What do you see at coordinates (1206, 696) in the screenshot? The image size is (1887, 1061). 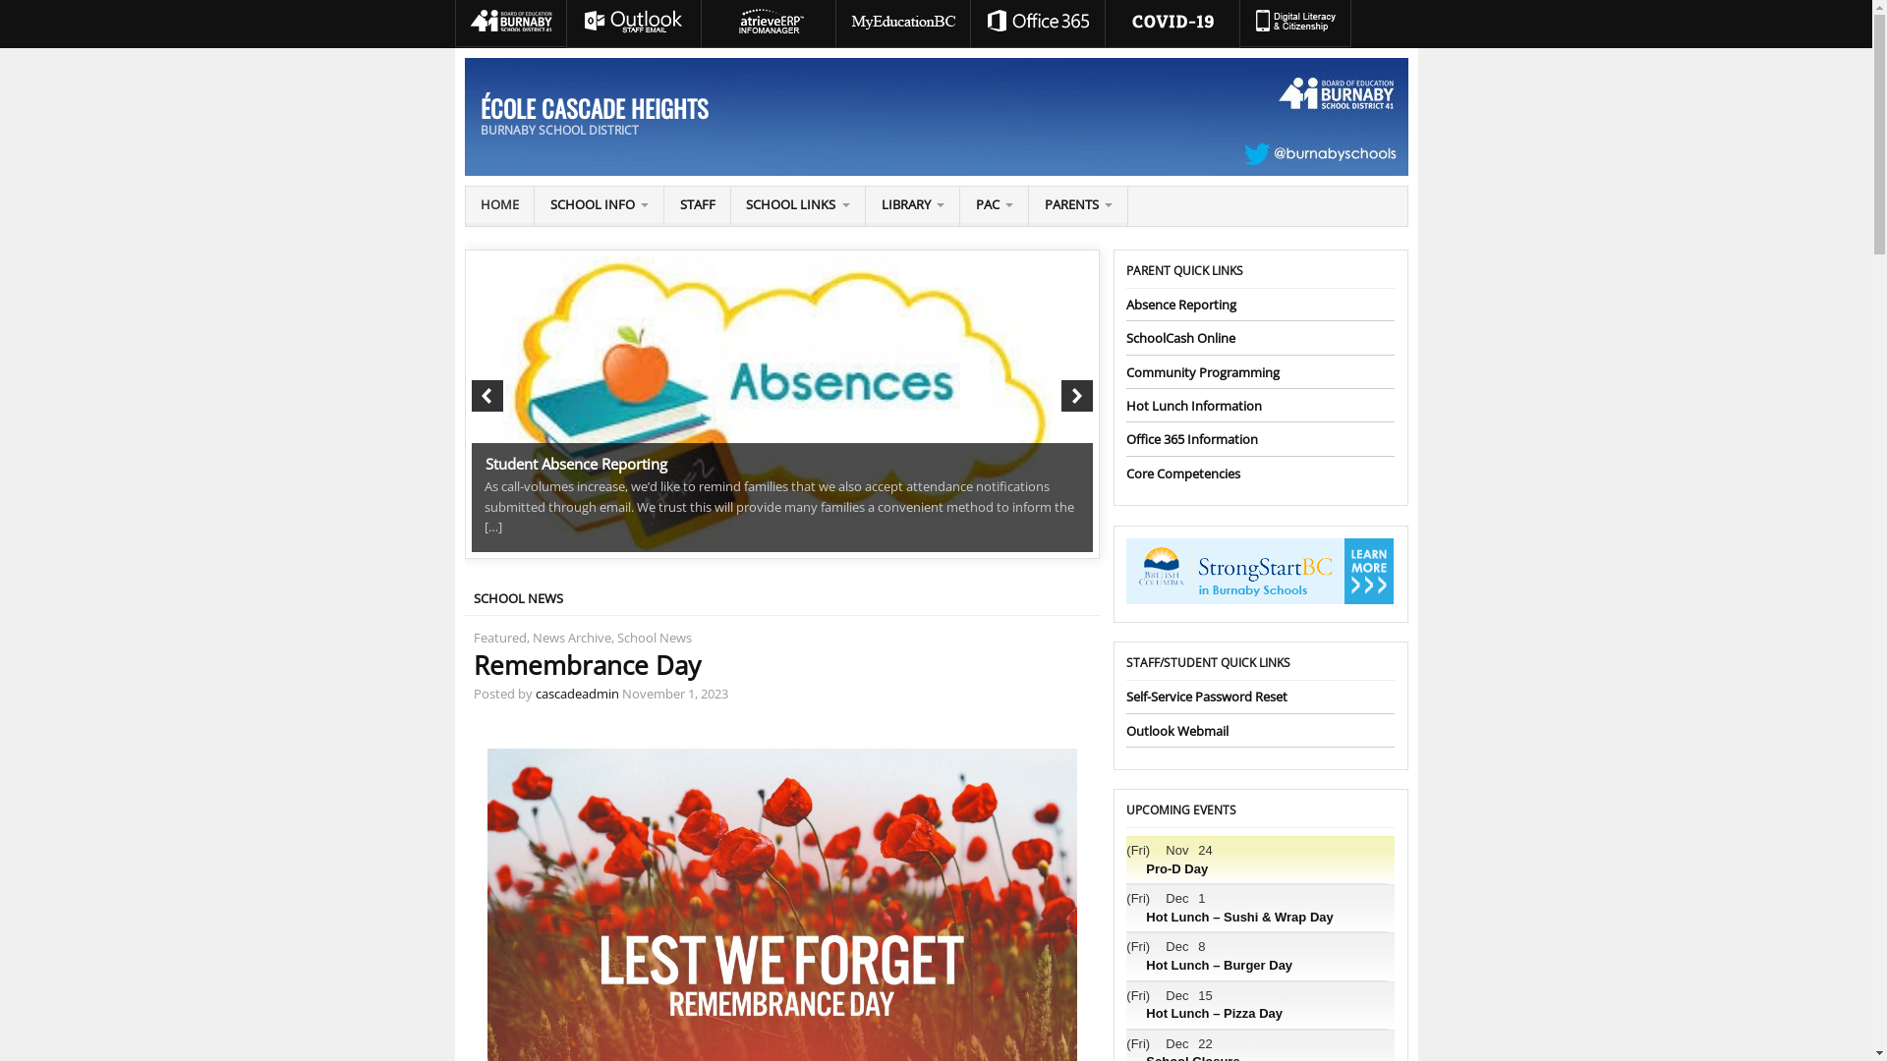 I see `'Self-Service Password Reset'` at bounding box center [1206, 696].